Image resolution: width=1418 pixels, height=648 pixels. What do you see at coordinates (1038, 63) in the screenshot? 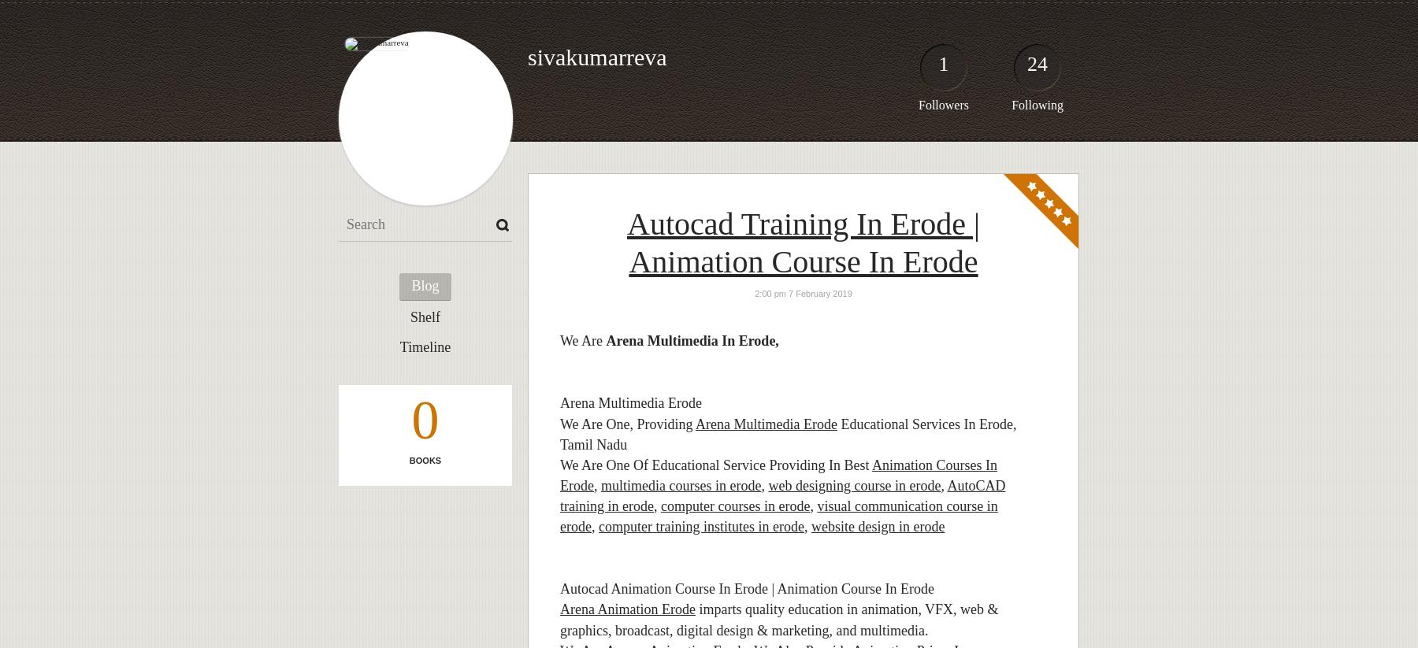
I see `'24'` at bounding box center [1038, 63].